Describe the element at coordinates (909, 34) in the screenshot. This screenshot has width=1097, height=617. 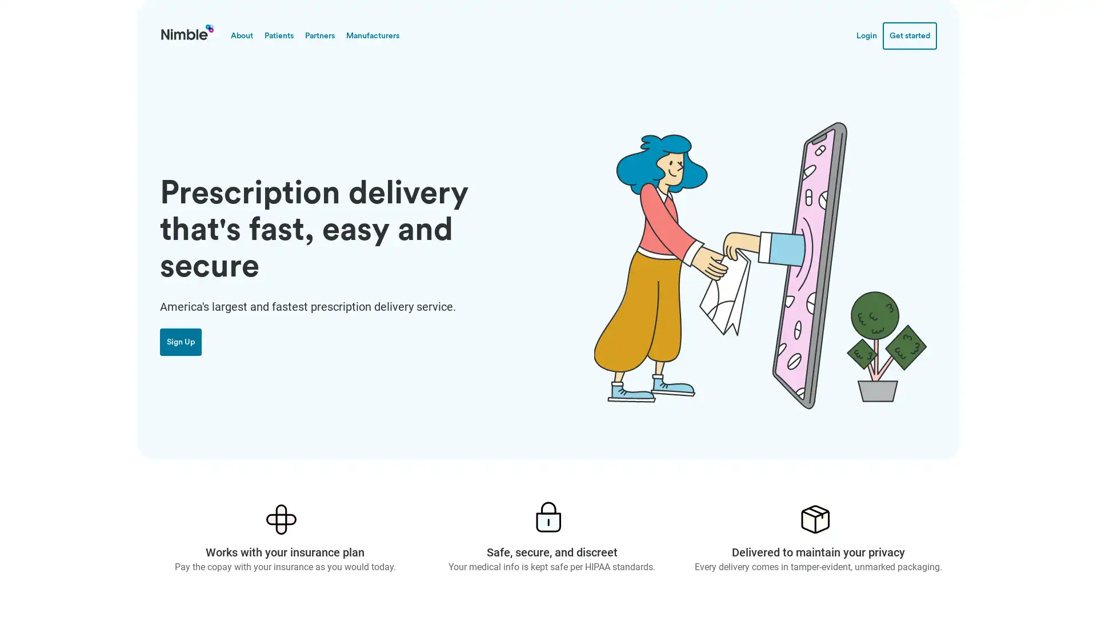
I see `Get started` at that location.